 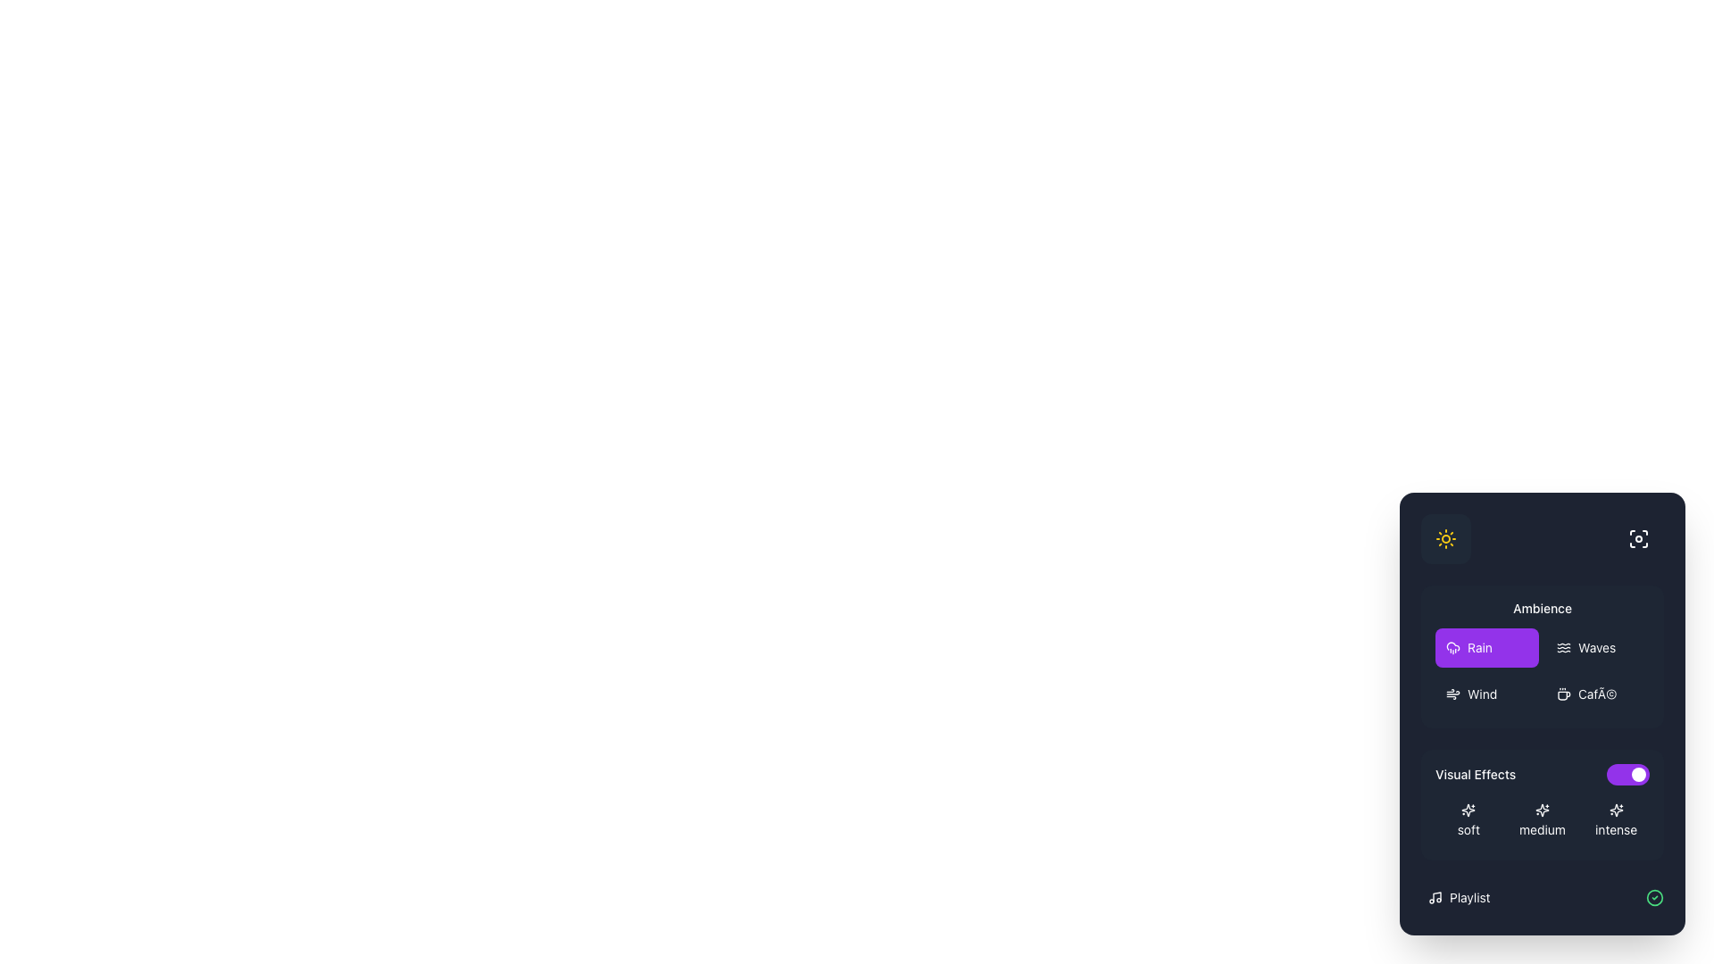 What do you see at coordinates (1542, 810) in the screenshot?
I see `the 'medium' intensity selectable option icon located in the middle of a group of three visual options under the 'Visual Effects' section` at bounding box center [1542, 810].